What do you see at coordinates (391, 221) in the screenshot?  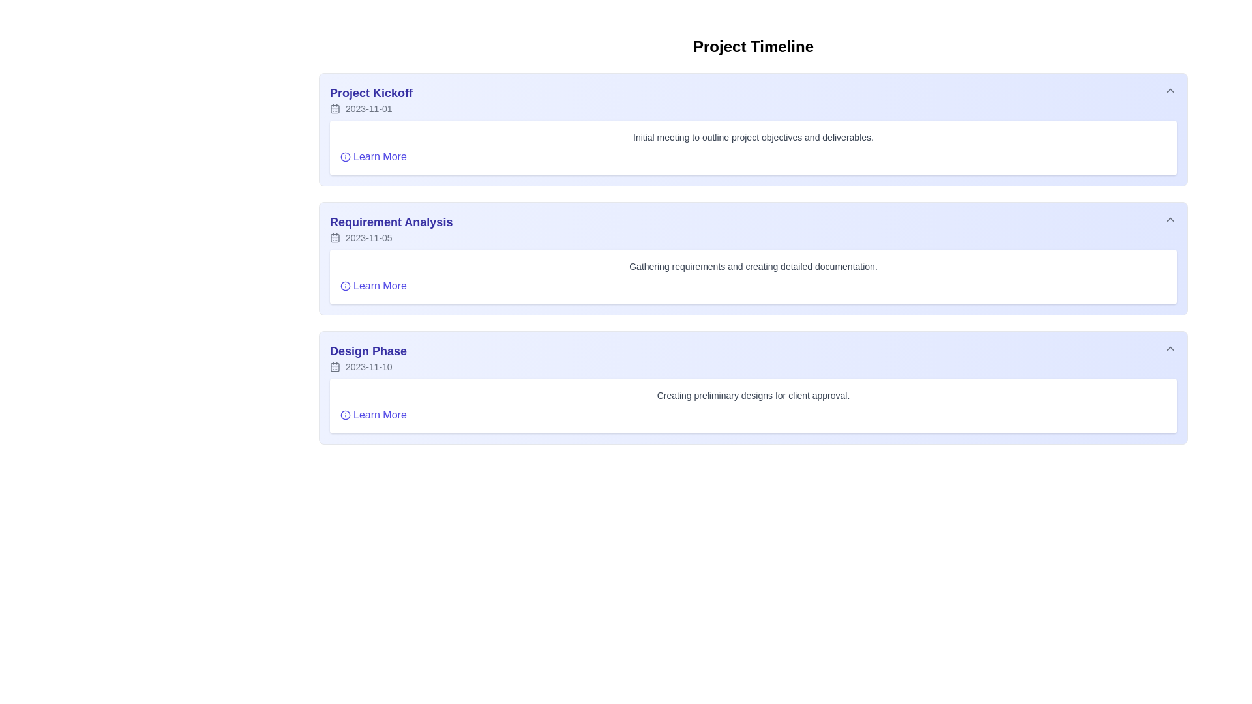 I see `the indigo blue text label that reads 'Requirement Analysis'` at bounding box center [391, 221].